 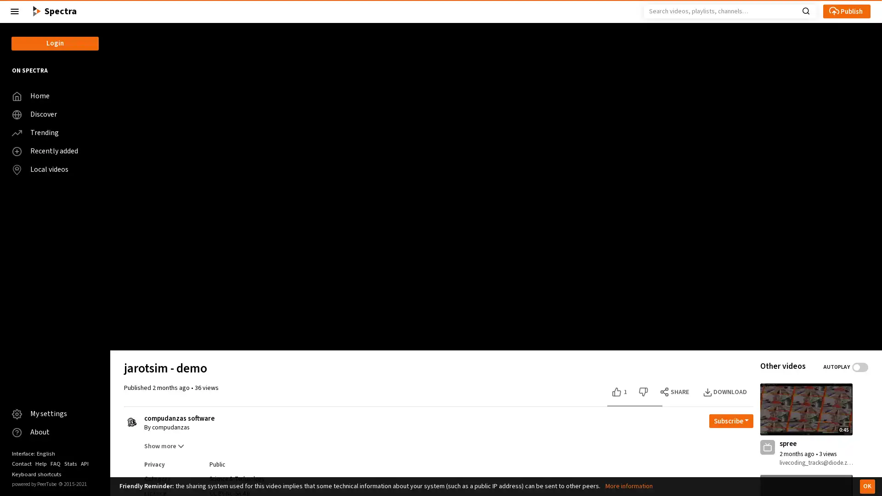 I want to click on DOWNLOAD, so click(x=725, y=392).